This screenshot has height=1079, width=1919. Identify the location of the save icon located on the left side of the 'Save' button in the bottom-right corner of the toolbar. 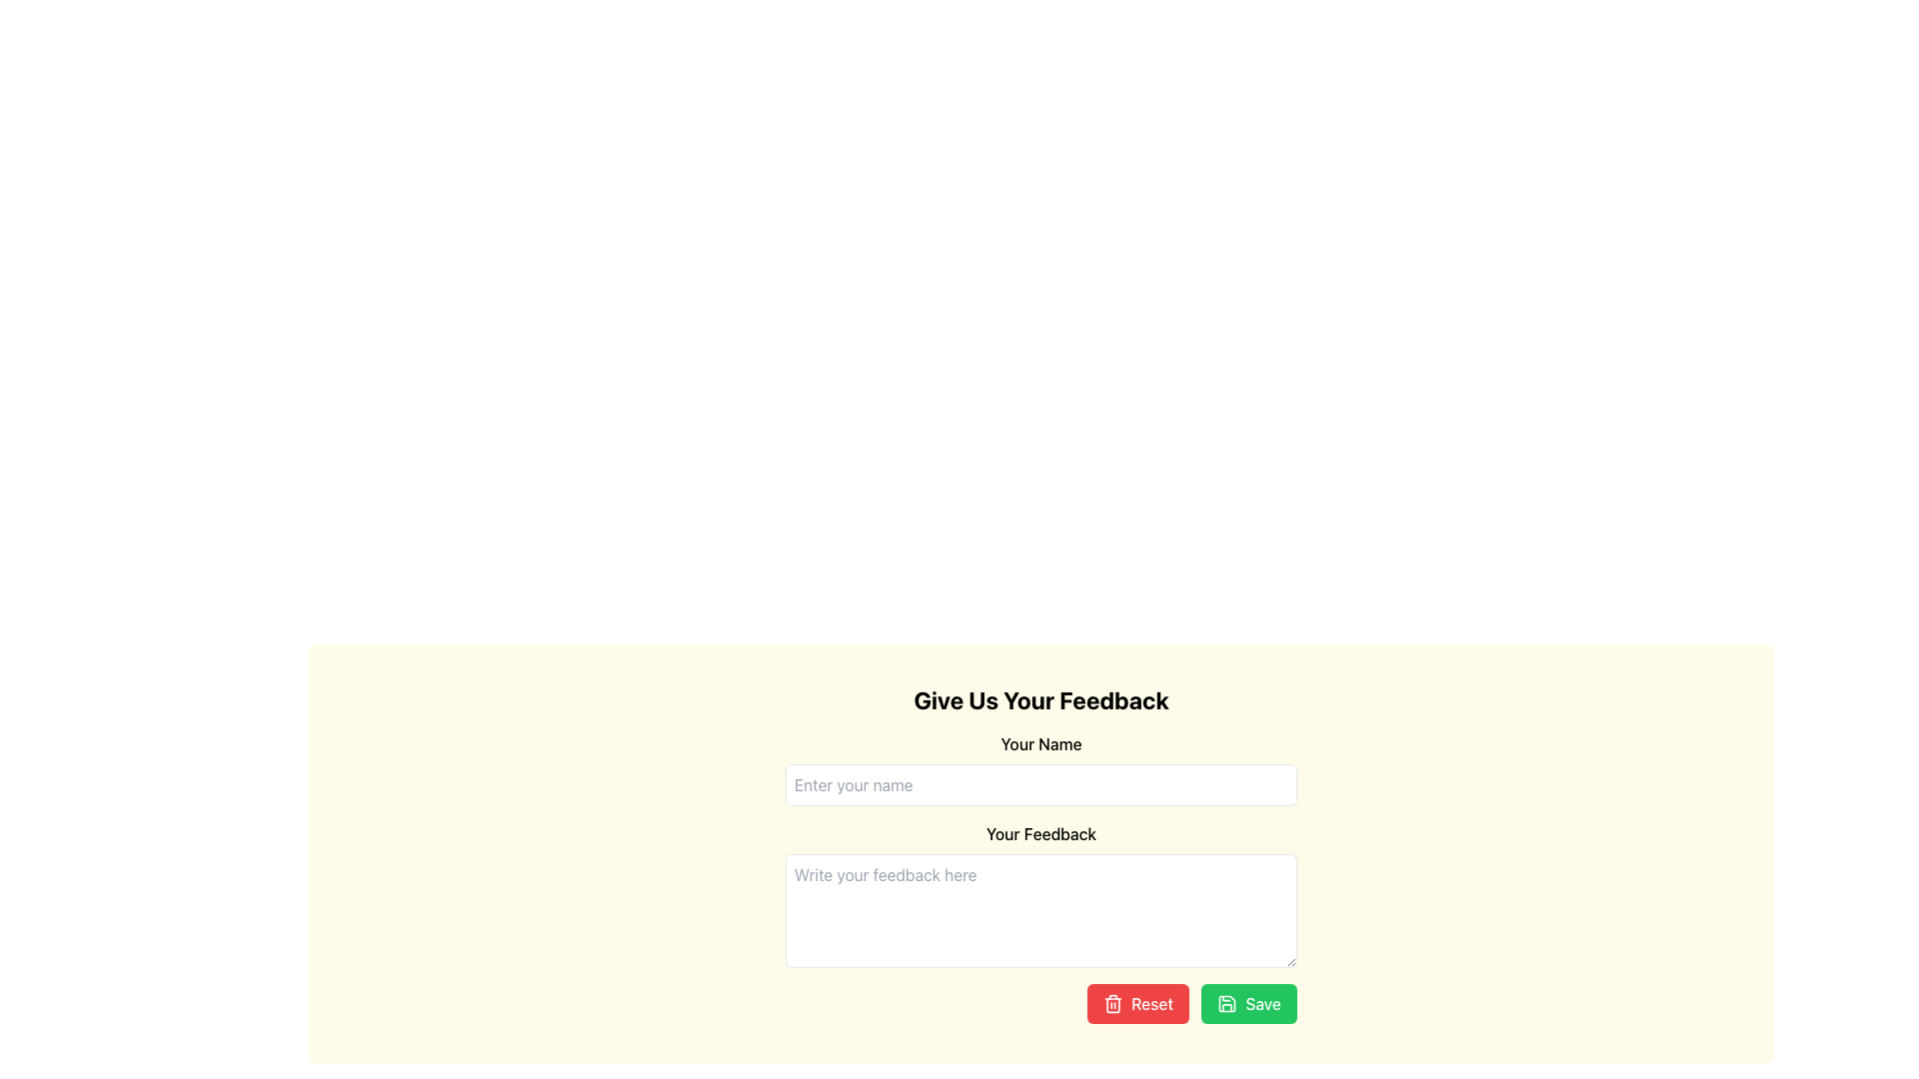
(1226, 1004).